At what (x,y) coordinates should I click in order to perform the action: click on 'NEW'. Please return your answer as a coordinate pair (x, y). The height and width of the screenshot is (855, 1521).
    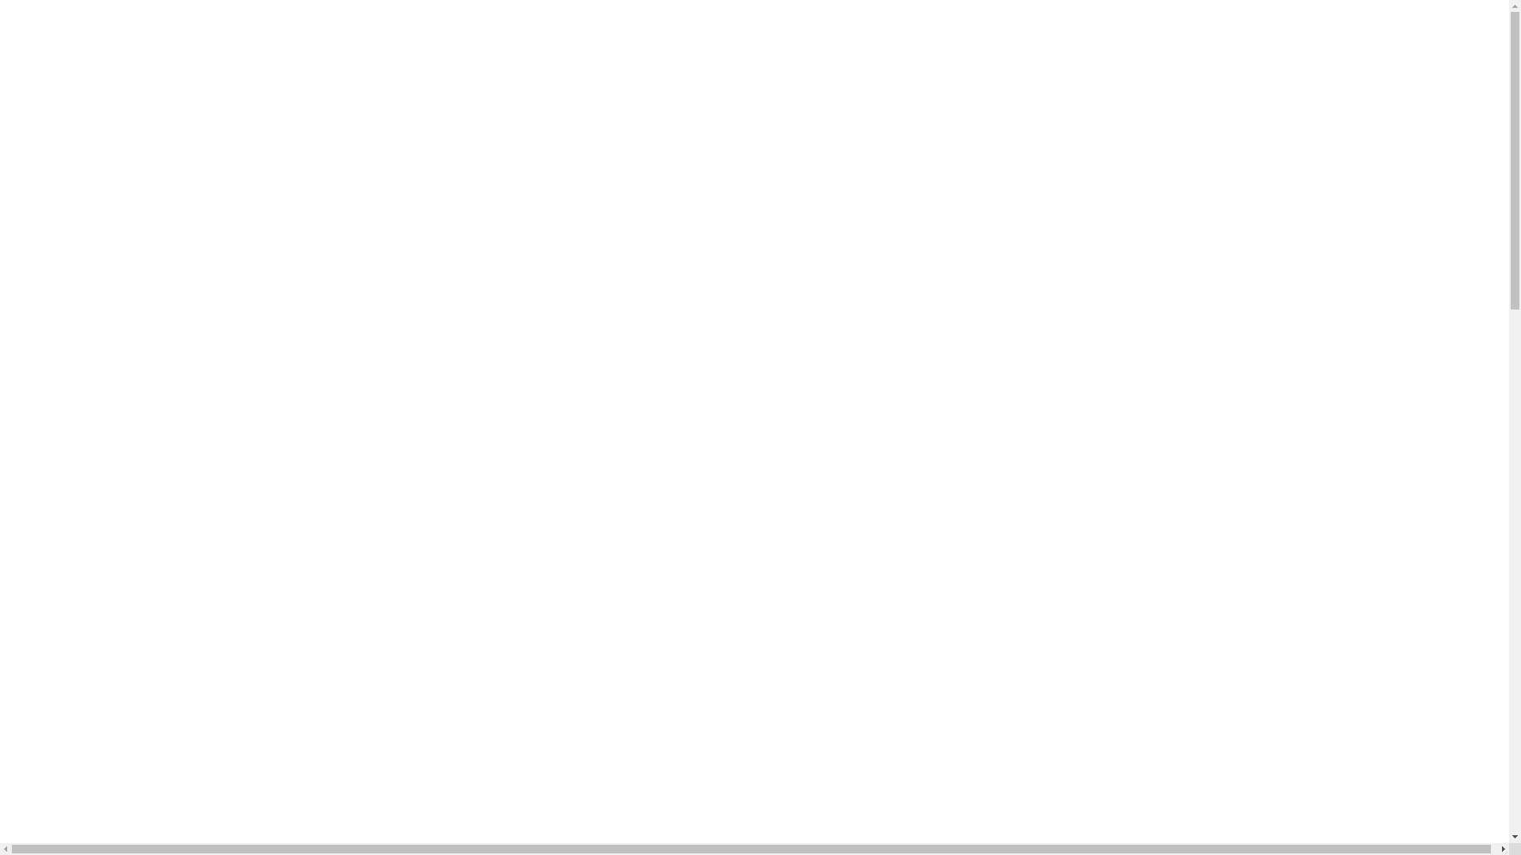
    Looking at the image, I should click on (38, 389).